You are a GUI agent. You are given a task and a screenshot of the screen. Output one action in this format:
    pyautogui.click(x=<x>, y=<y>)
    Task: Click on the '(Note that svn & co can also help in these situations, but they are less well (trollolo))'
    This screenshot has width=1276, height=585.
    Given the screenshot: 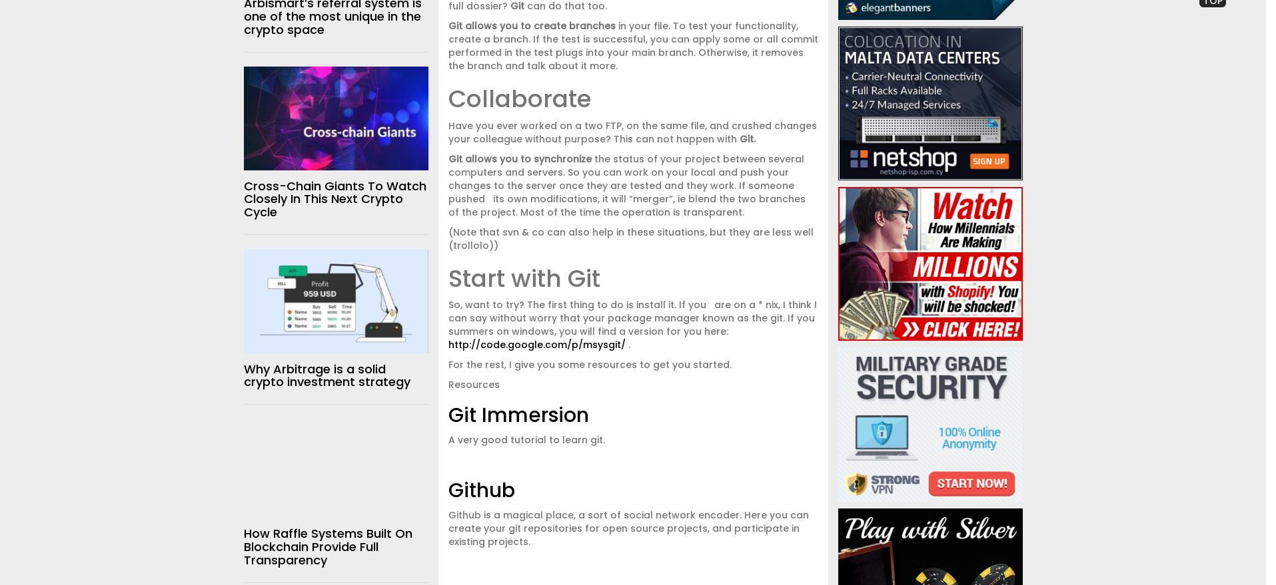 What is the action you would take?
    pyautogui.click(x=630, y=238)
    